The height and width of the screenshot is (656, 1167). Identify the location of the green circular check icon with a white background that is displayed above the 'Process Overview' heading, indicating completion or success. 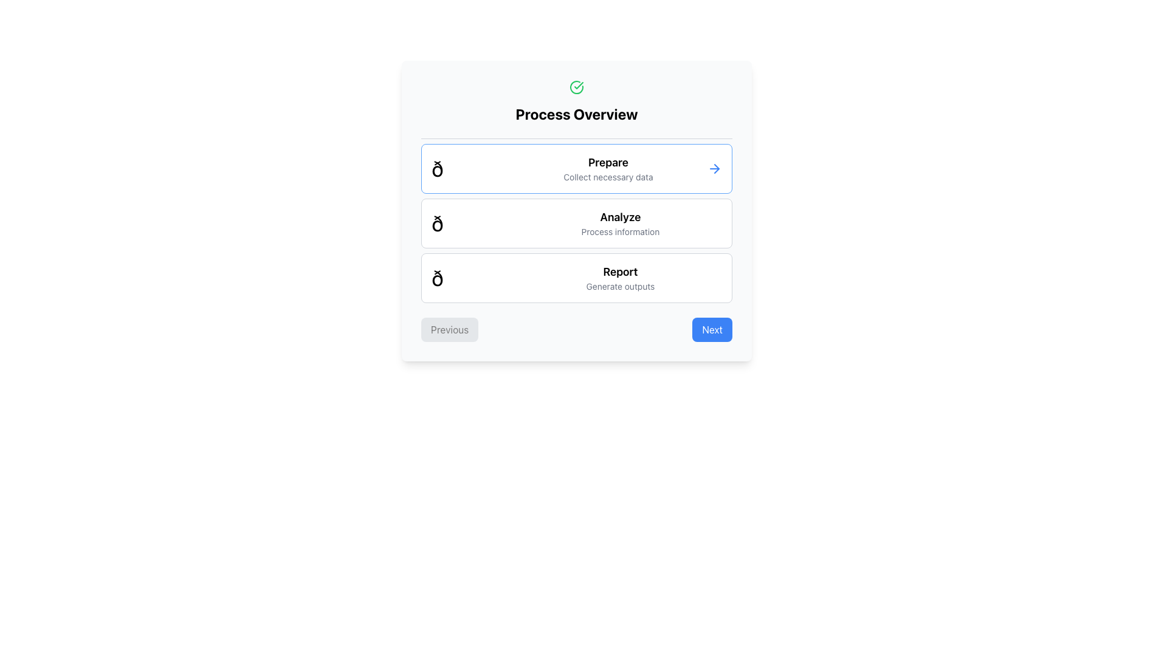
(576, 86).